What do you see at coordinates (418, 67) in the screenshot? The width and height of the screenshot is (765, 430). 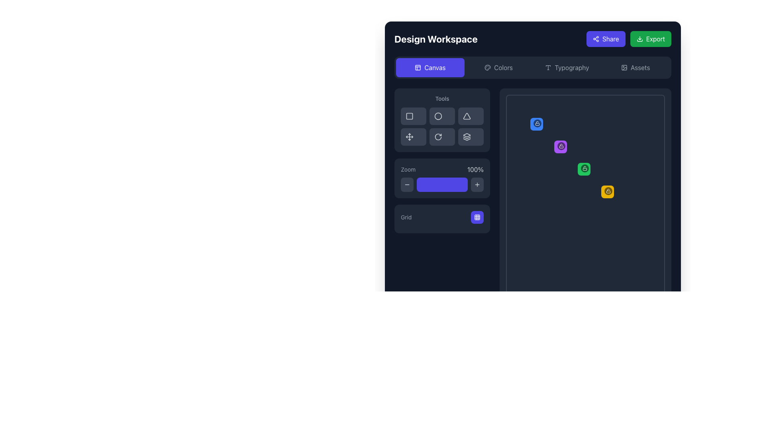 I see `the rounded rectangle control icon located near the 'Canvas' label in the top-left area of the application interface` at bounding box center [418, 67].